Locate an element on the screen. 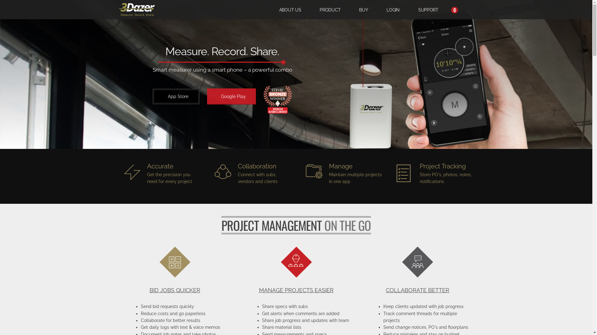 The width and height of the screenshot is (597, 335). 'BUY' is located at coordinates (363, 9).